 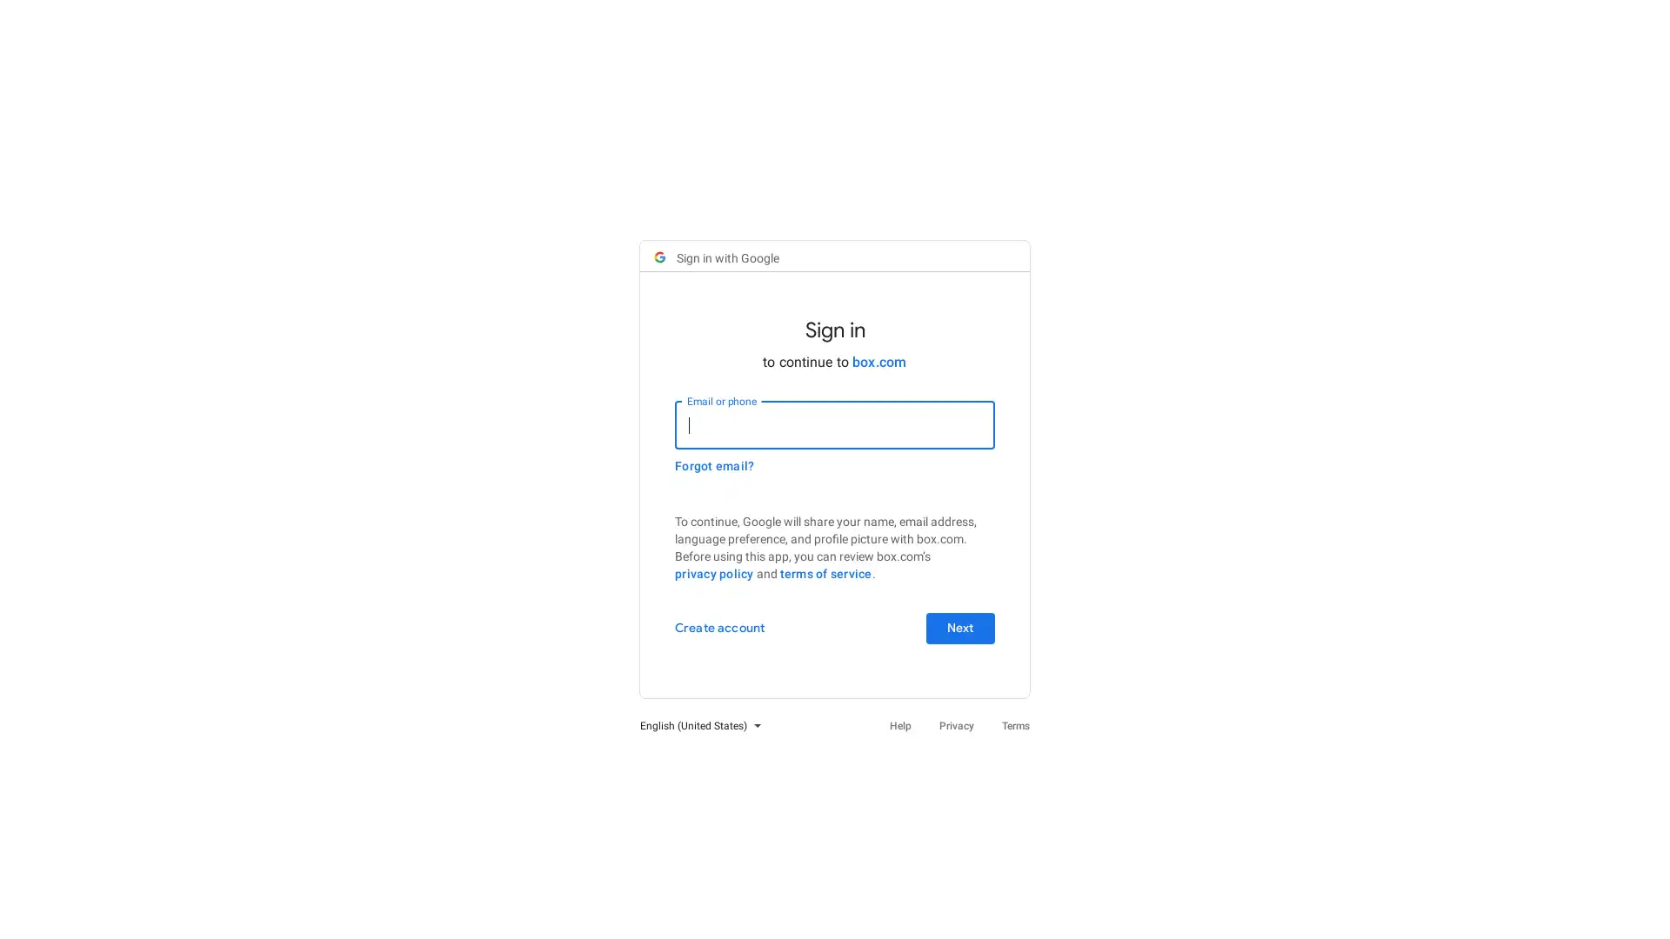 I want to click on Forgot email?, so click(x=714, y=465).